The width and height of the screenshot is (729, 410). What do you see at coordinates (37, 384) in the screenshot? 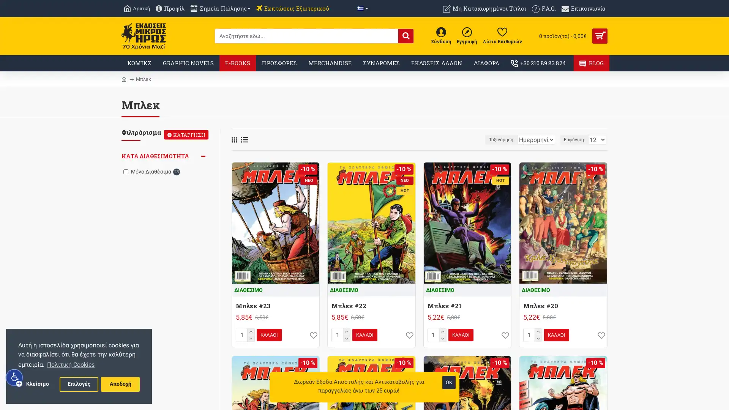
I see `dismiss cookie message` at bounding box center [37, 384].